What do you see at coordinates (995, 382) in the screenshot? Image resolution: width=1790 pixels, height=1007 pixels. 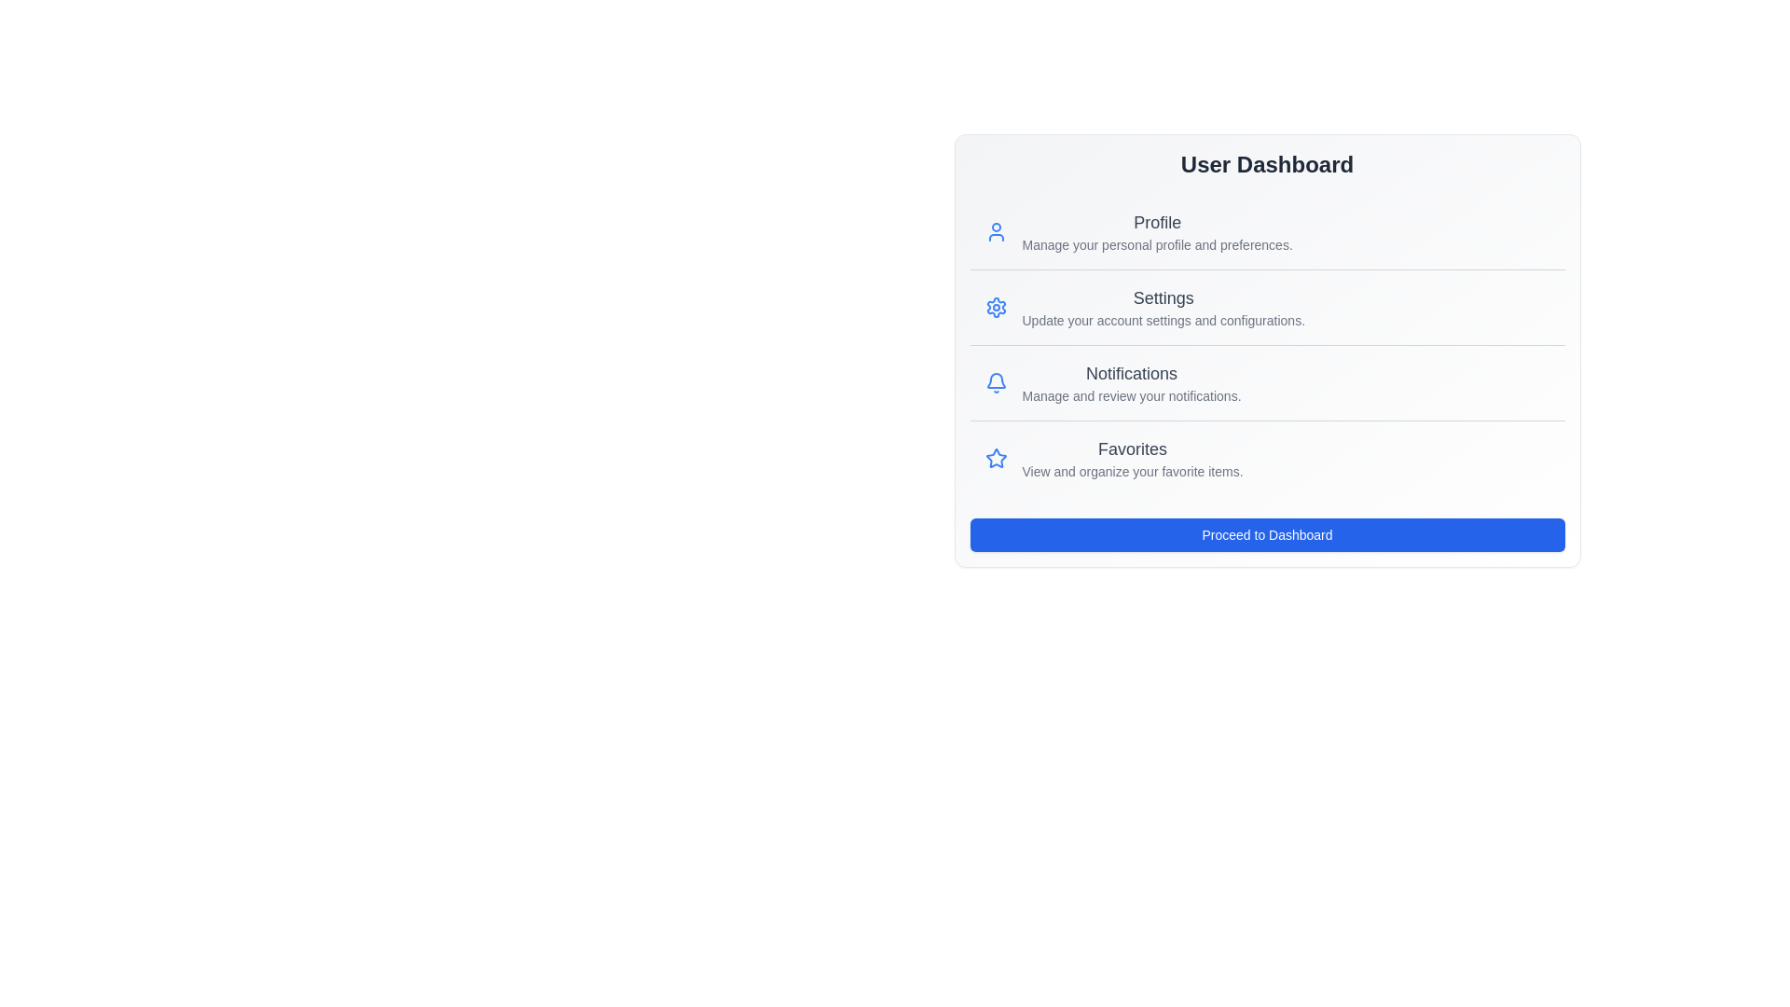 I see `the bell-shaped icon with a blue outline located to the left of the 'Notifications' text` at bounding box center [995, 382].